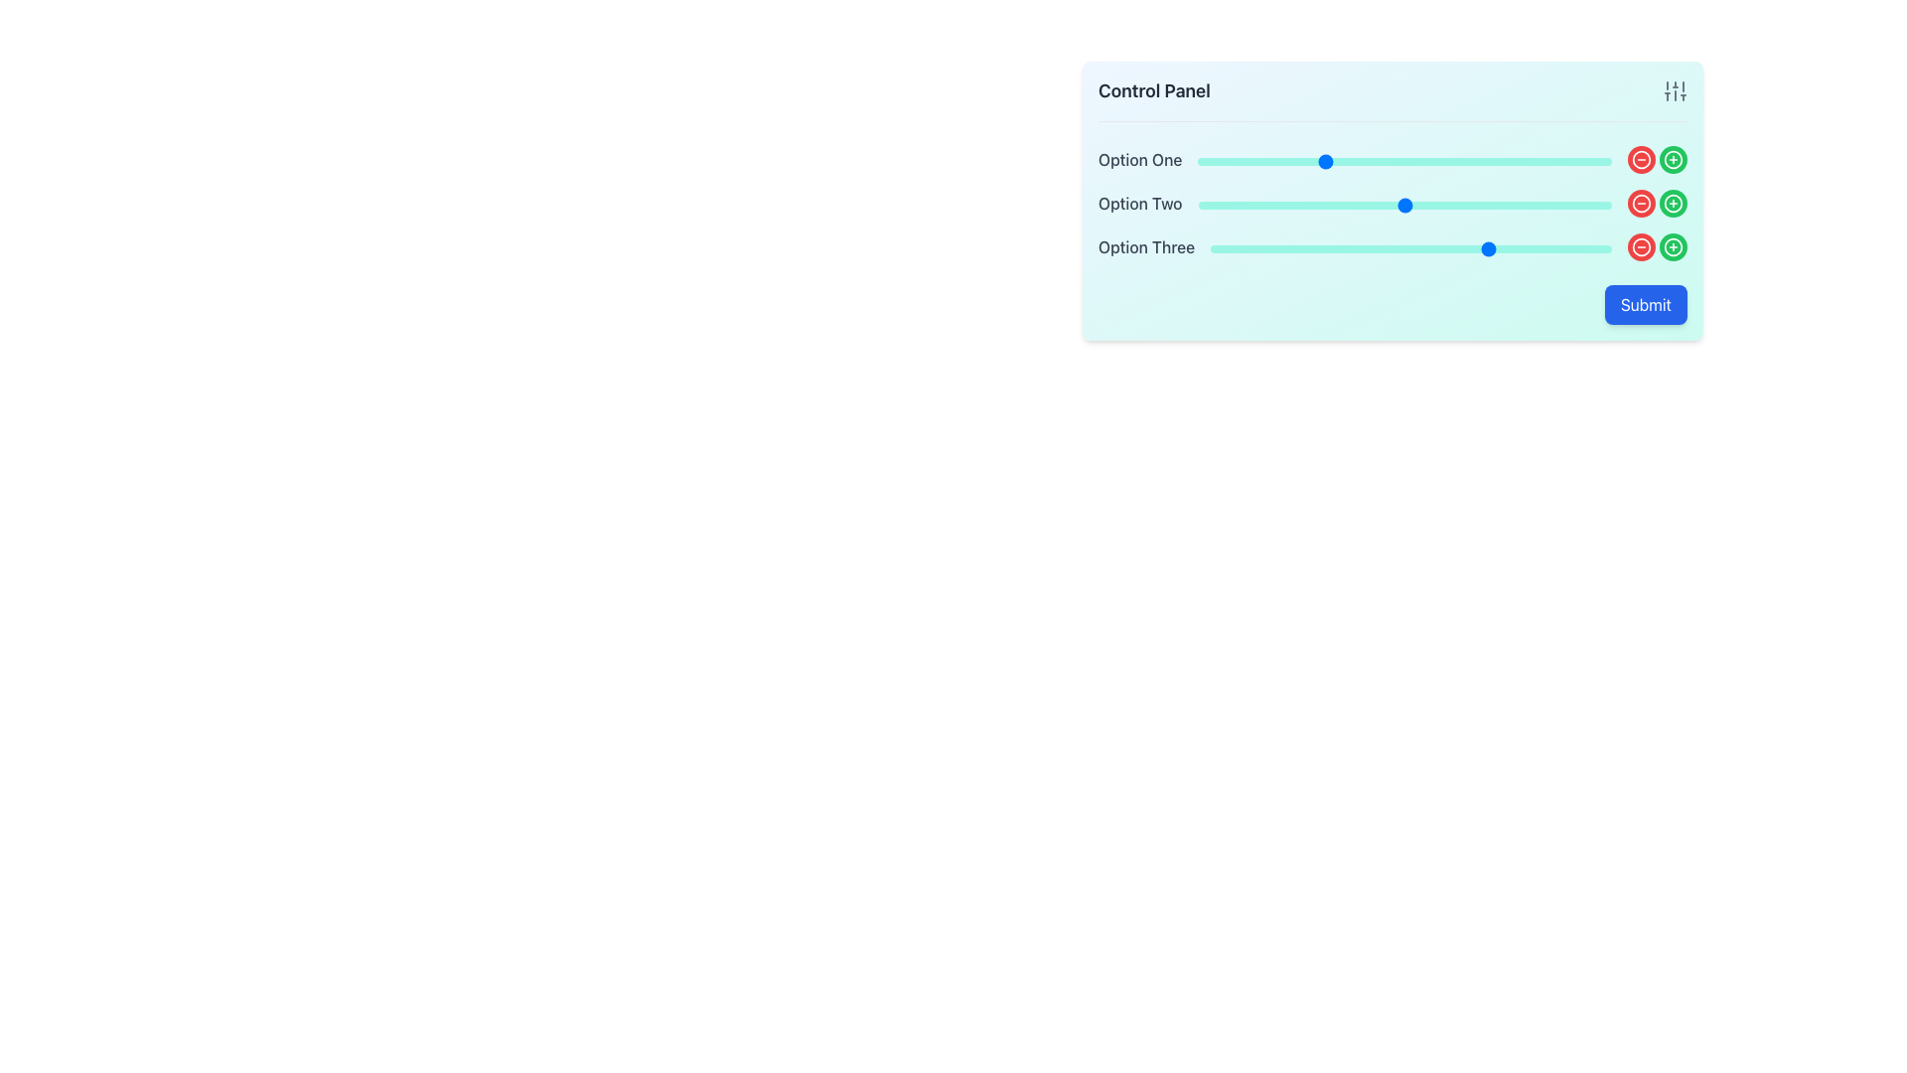 The height and width of the screenshot is (1073, 1907). What do you see at coordinates (1674, 91) in the screenshot?
I see `the gray vertical sliders control icon located in the top-right corner of the 'Control Panel' section` at bounding box center [1674, 91].